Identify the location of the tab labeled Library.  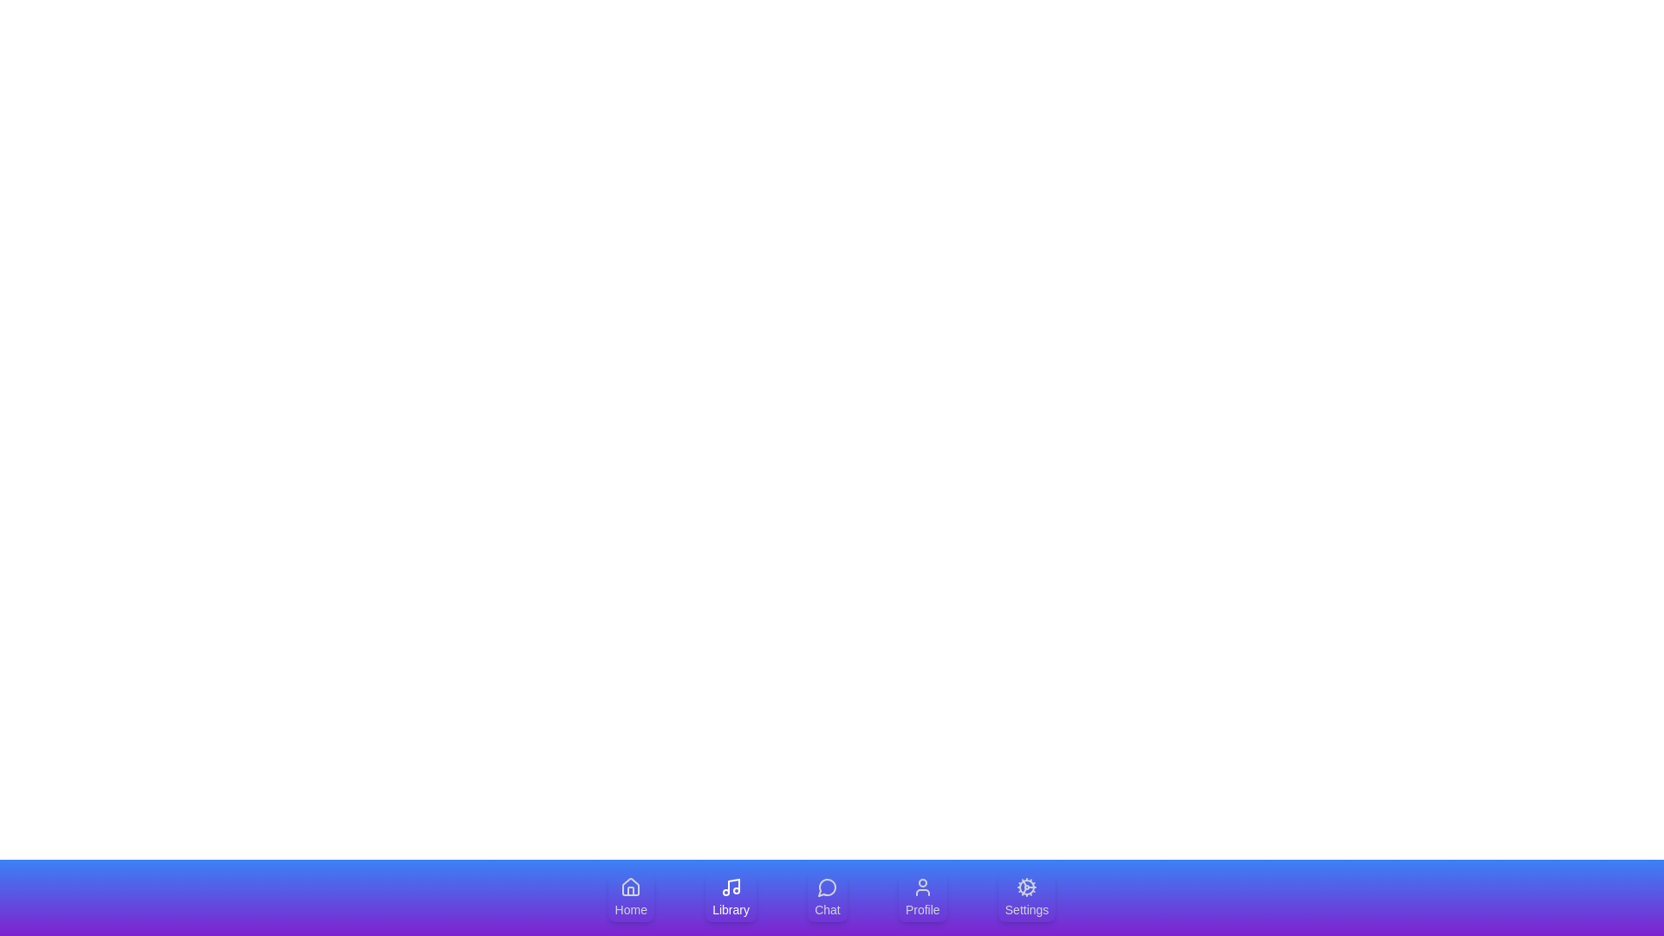
(731, 897).